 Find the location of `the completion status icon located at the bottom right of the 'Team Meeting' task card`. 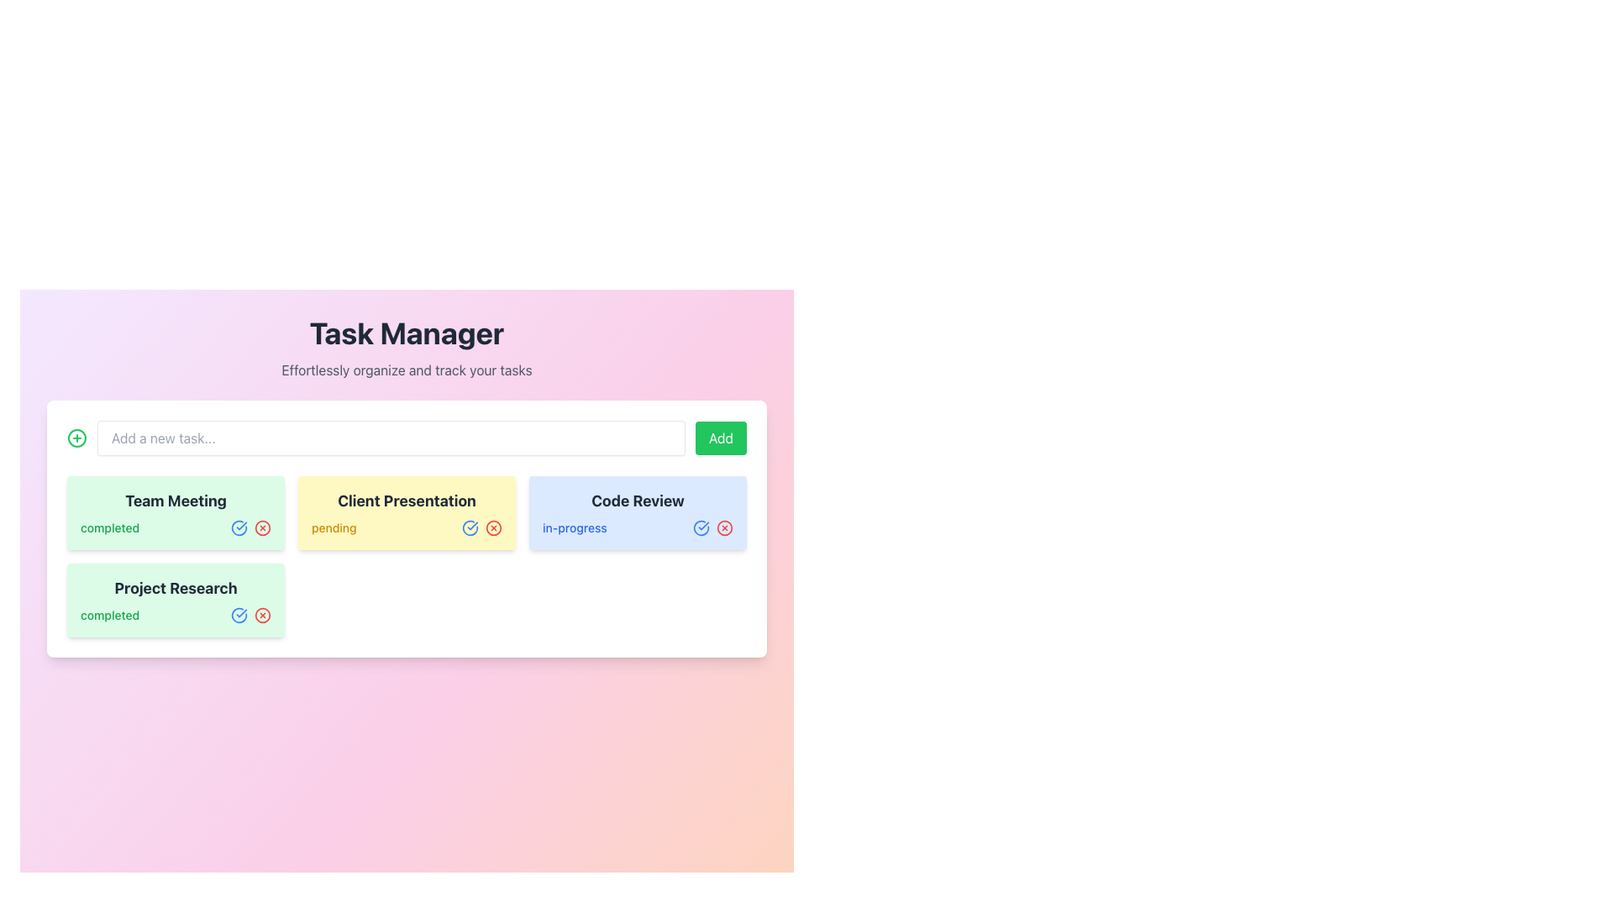

the completion status icon located at the bottom right of the 'Team Meeting' task card is located at coordinates (238, 527).